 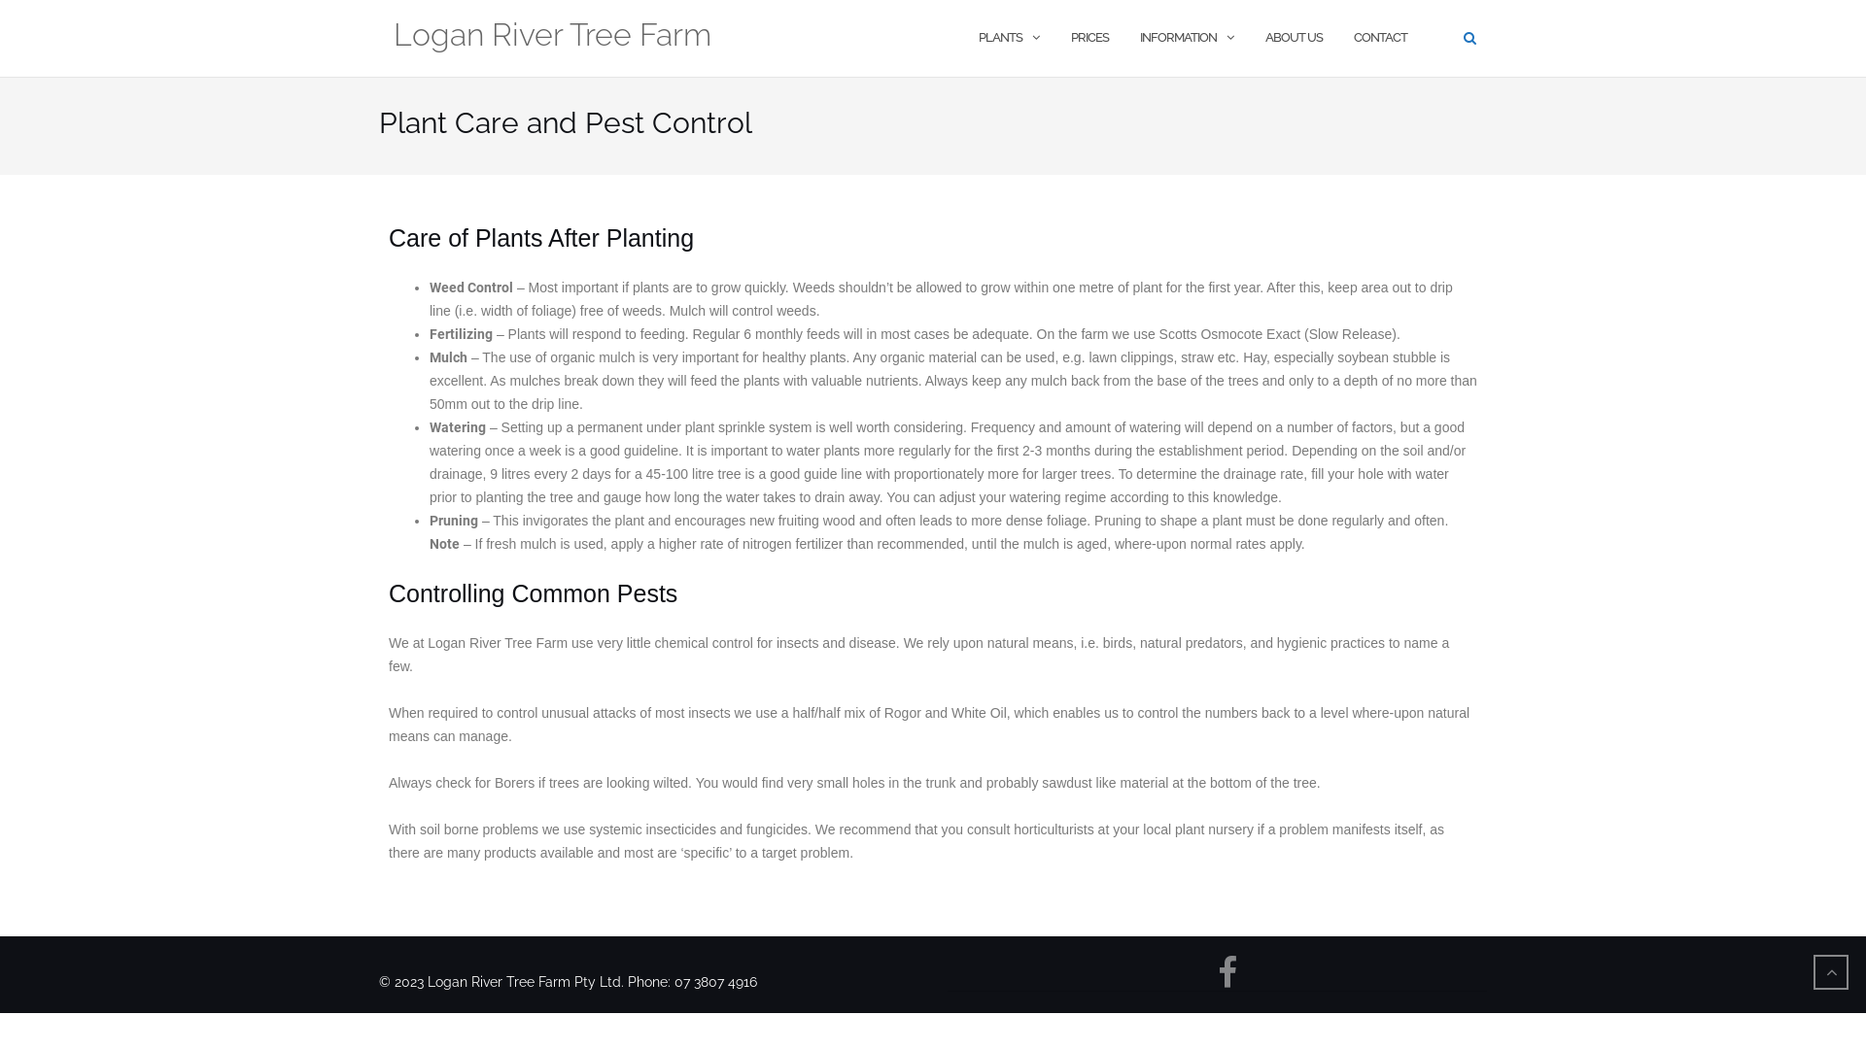 I want to click on 'PRICES', so click(x=1089, y=38).